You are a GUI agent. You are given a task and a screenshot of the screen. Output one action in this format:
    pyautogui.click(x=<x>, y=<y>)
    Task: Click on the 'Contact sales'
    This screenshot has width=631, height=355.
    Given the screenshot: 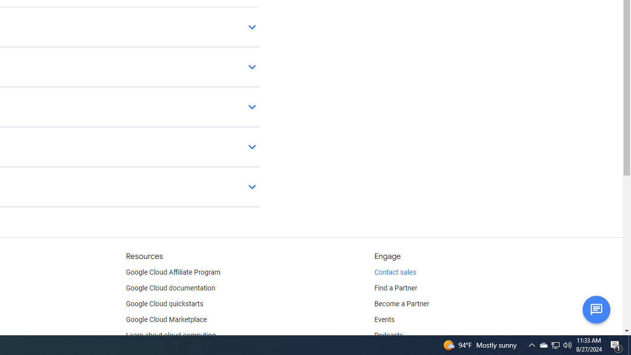 What is the action you would take?
    pyautogui.click(x=395, y=272)
    